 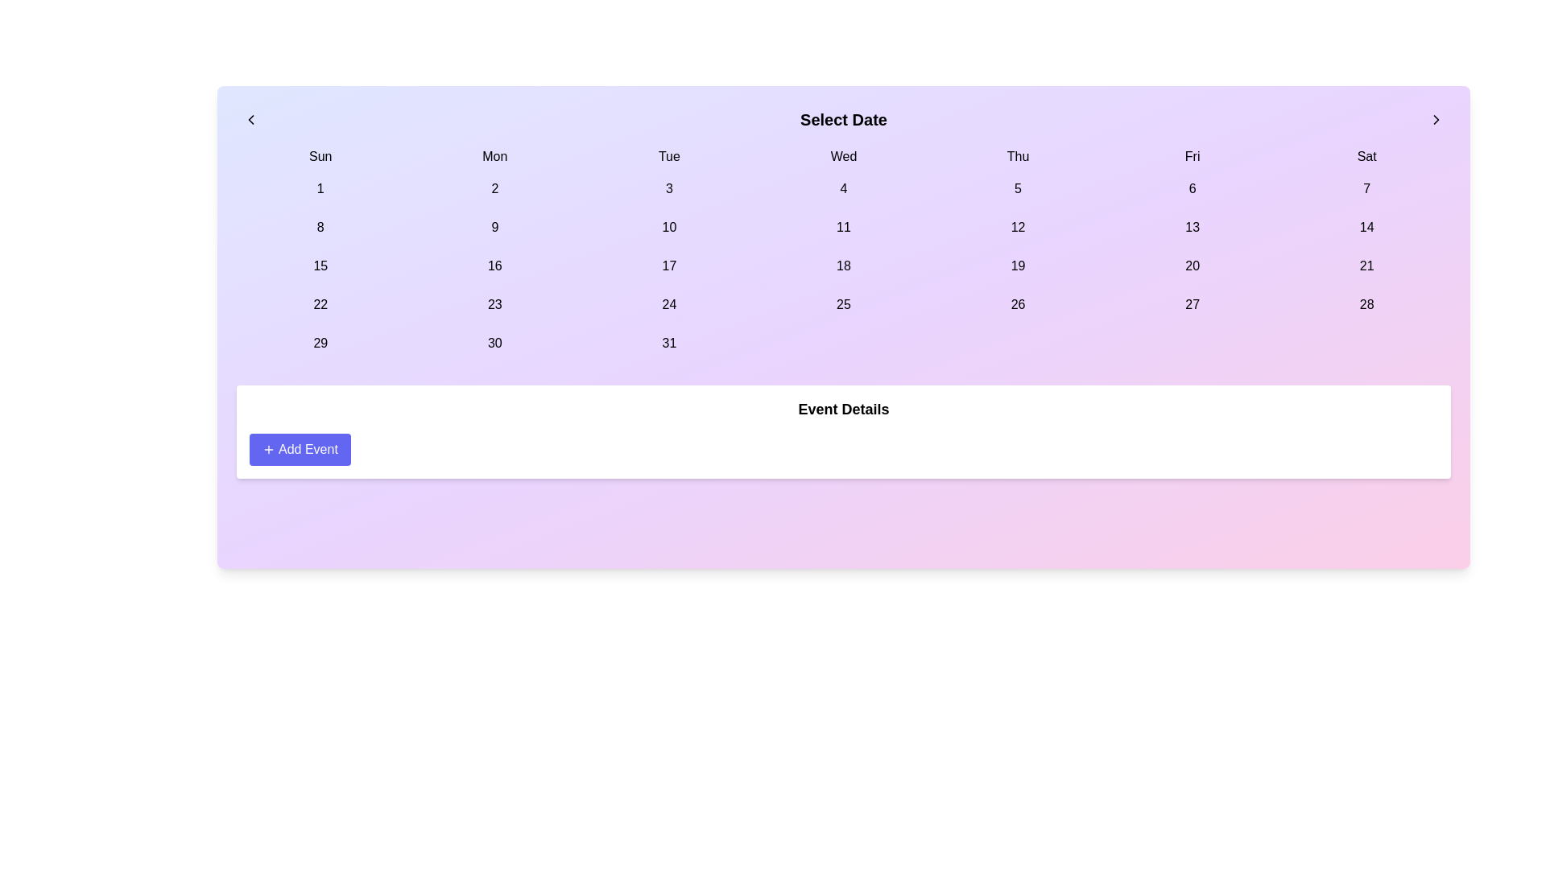 What do you see at coordinates (1017, 227) in the screenshot?
I see `the clickable calendar day cell for the 12th day, located under the 'Thu' column in the third row of dates` at bounding box center [1017, 227].